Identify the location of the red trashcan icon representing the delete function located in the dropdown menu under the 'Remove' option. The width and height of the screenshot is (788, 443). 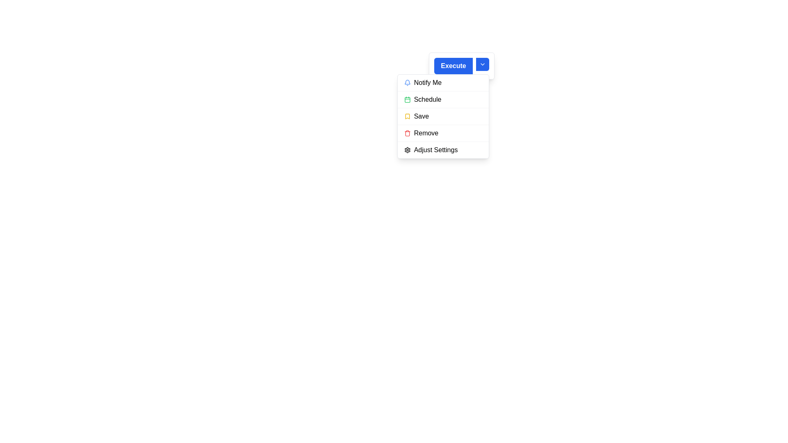
(407, 132).